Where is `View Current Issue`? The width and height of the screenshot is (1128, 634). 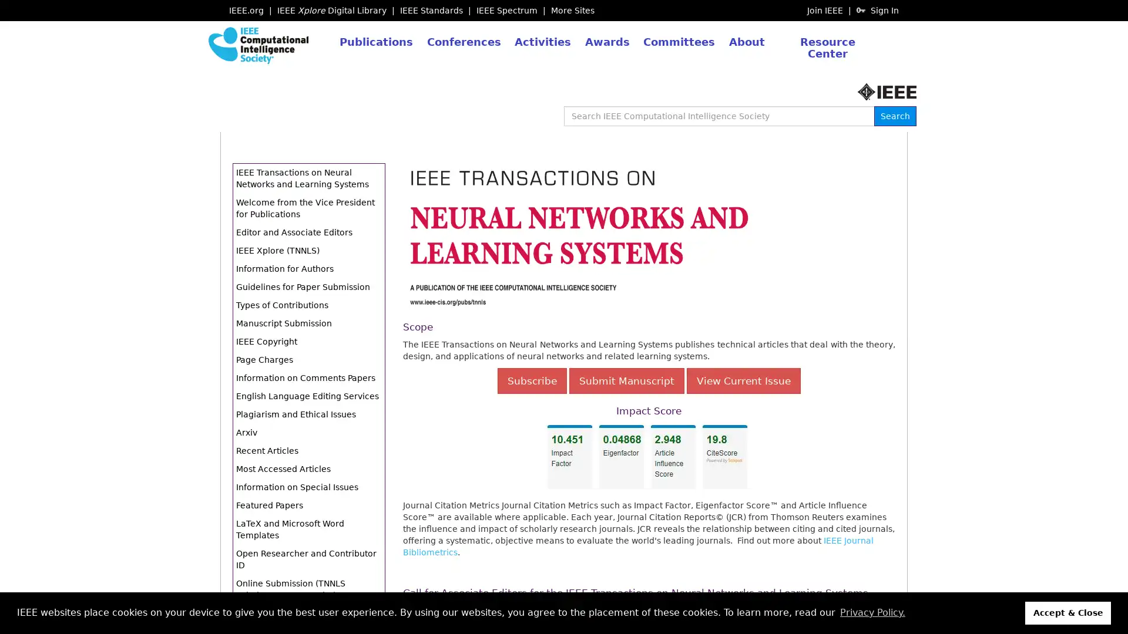
View Current Issue is located at coordinates (743, 380).